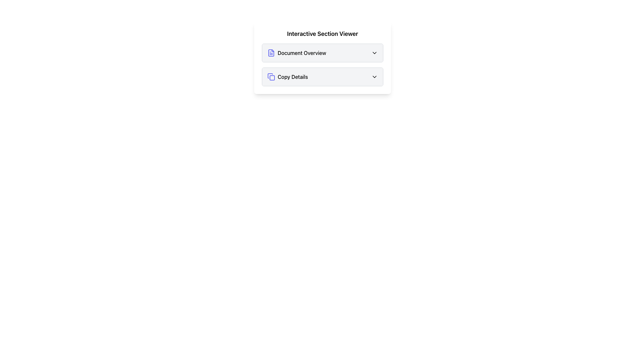 The image size is (620, 349). Describe the element at coordinates (287, 77) in the screenshot. I see `the 'Copy Details' button, which features an indigo icon of two overlapping squares and medium weight text` at that location.